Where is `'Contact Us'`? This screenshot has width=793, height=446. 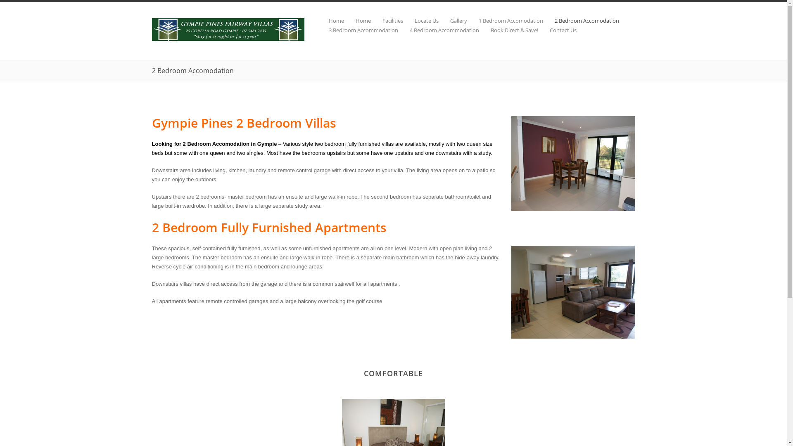 'Contact Us' is located at coordinates (557, 30).